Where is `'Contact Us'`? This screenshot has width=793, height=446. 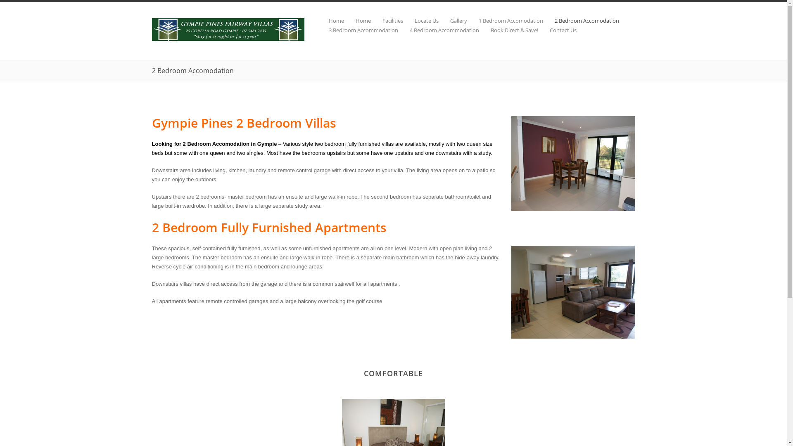 'Contact Us' is located at coordinates (557, 30).